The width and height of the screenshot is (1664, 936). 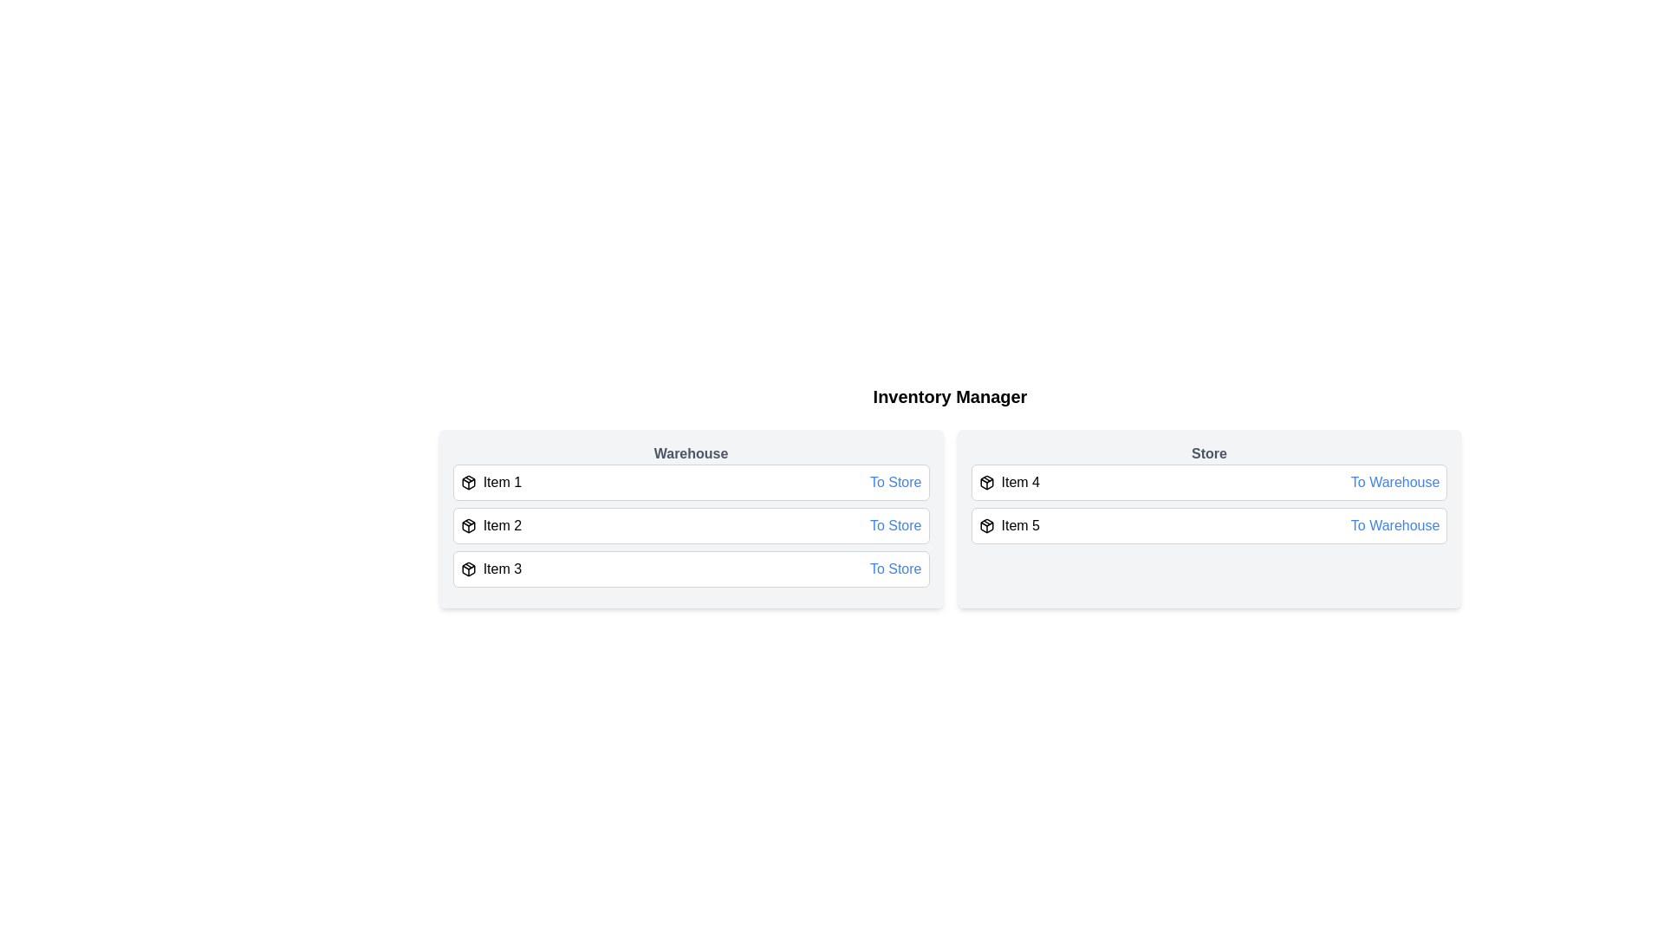 I want to click on the button to transfer Item 2 from Warehouse to <destination>, so click(x=895, y=524).